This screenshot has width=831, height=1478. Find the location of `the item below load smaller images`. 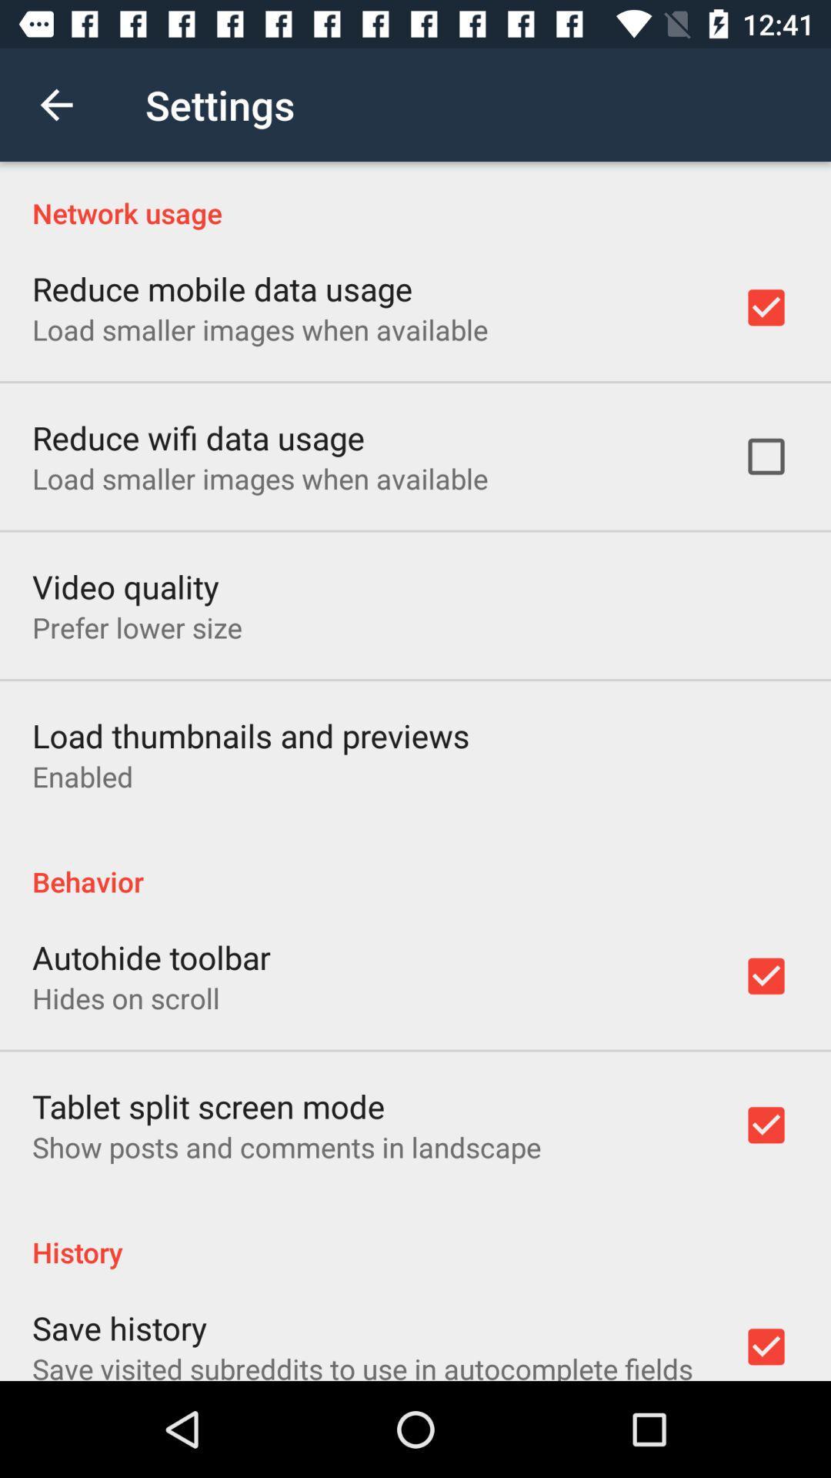

the item below load smaller images is located at coordinates (125, 586).